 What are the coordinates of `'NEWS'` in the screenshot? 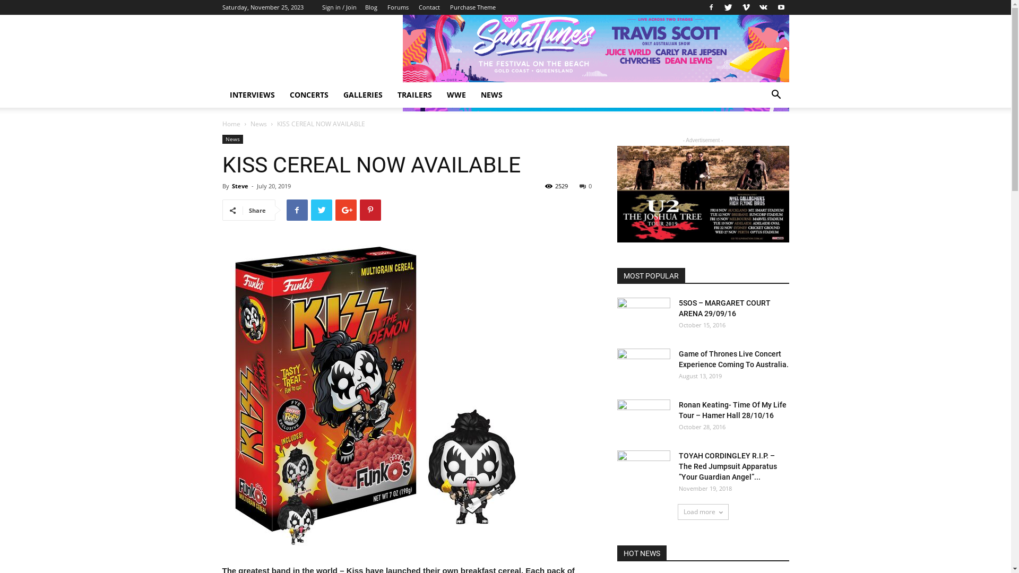 It's located at (491, 94).